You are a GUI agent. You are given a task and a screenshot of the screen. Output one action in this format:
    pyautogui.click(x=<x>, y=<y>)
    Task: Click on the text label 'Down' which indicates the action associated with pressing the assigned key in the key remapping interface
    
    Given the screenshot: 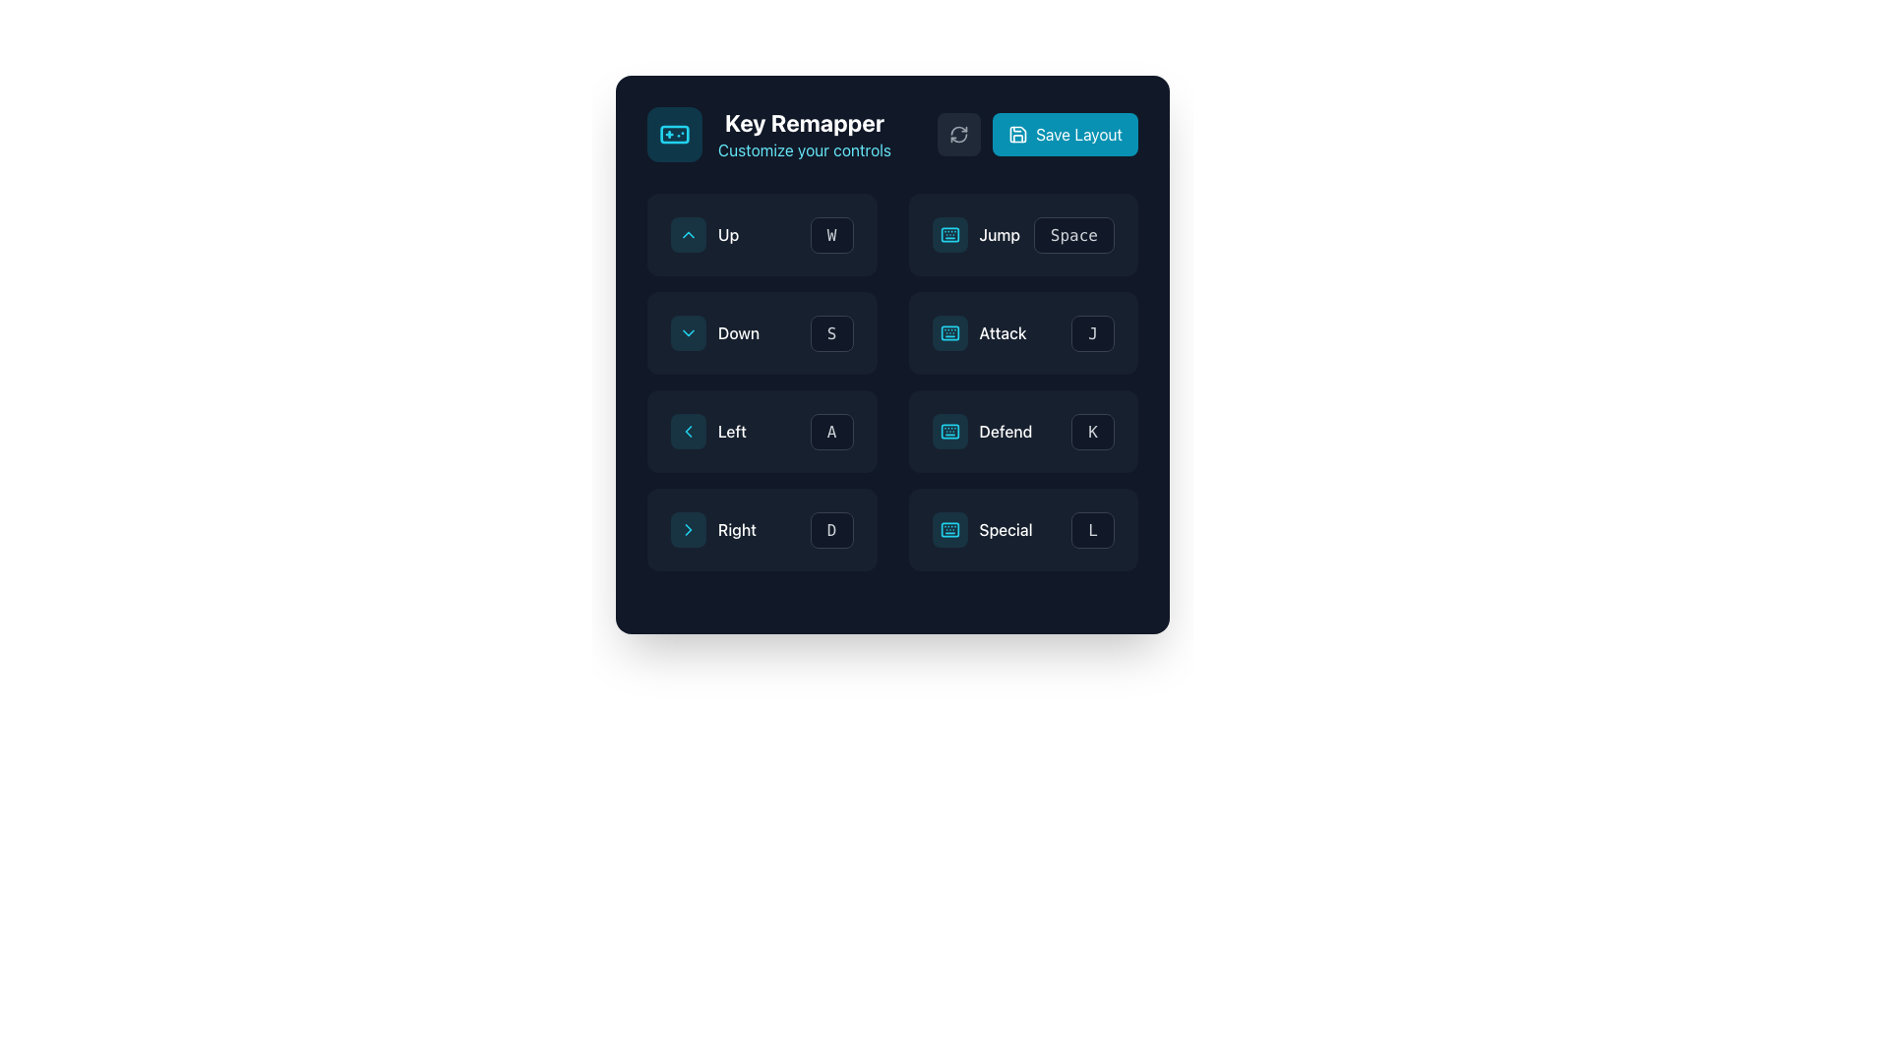 What is the action you would take?
    pyautogui.click(x=738, y=332)
    